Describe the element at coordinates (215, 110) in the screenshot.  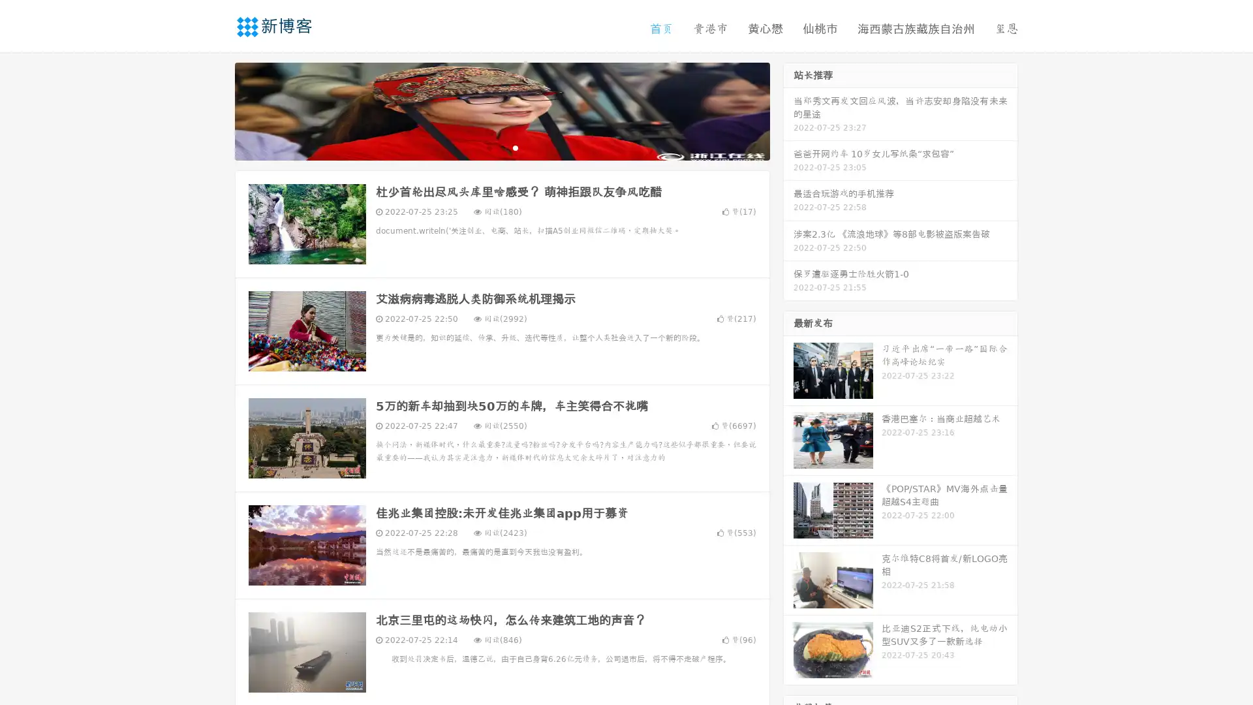
I see `Previous slide` at that location.